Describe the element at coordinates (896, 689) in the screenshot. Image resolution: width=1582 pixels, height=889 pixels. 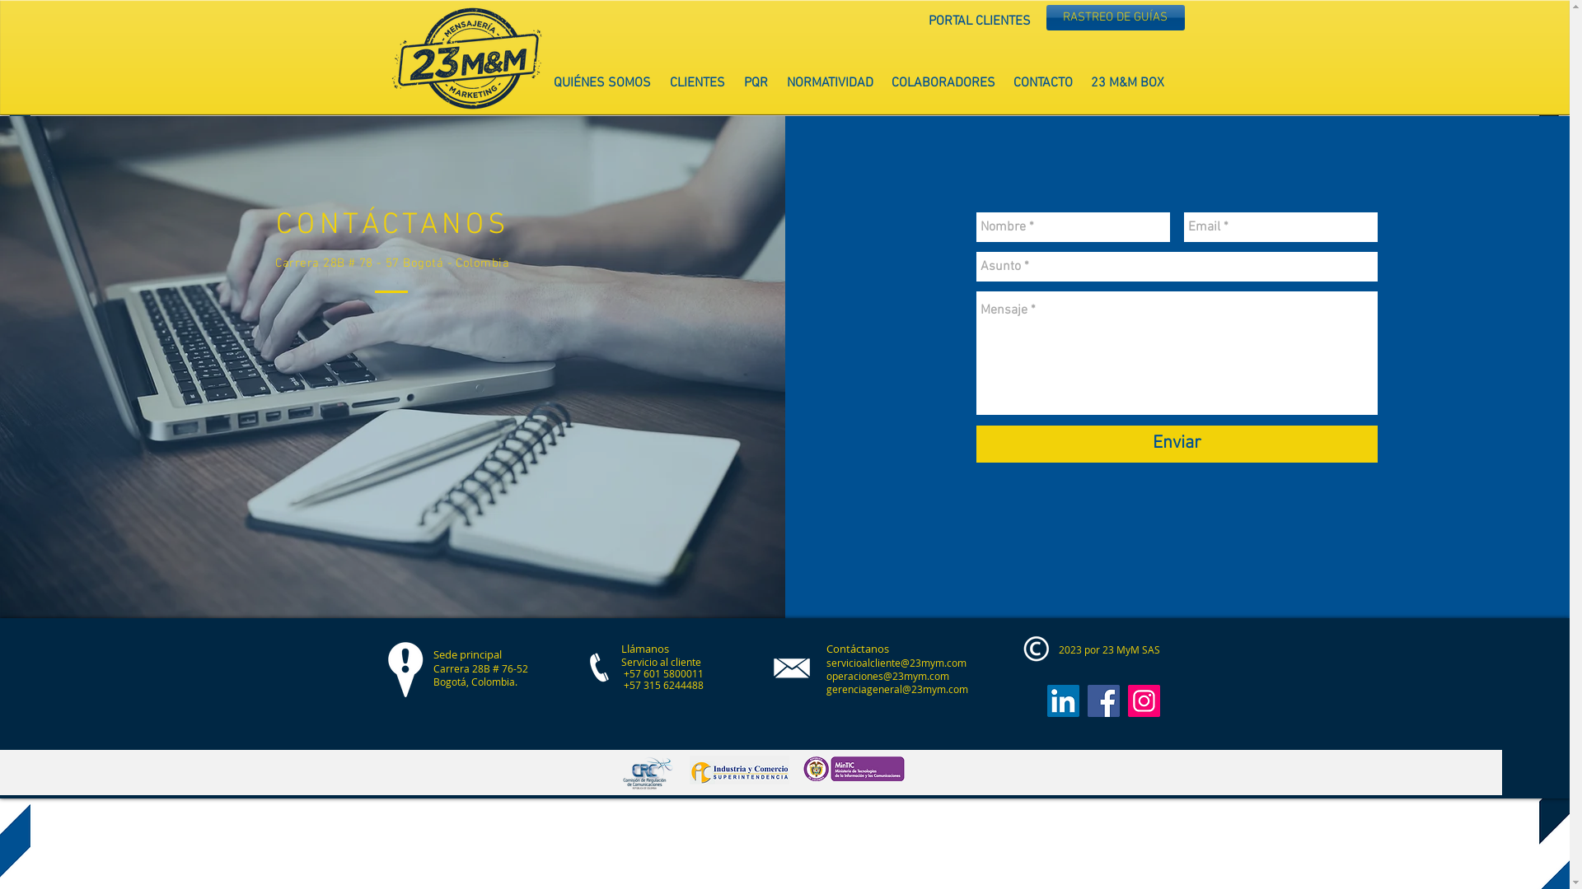
I see `'gerenciageneral@23mym.com'` at that location.